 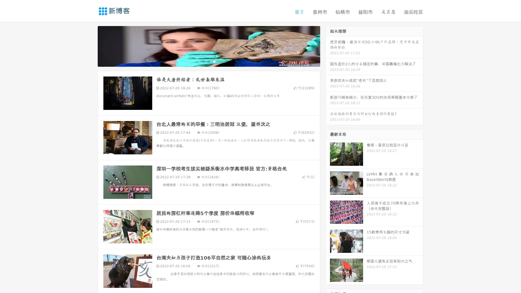 I want to click on Previous slide, so click(x=90, y=46).